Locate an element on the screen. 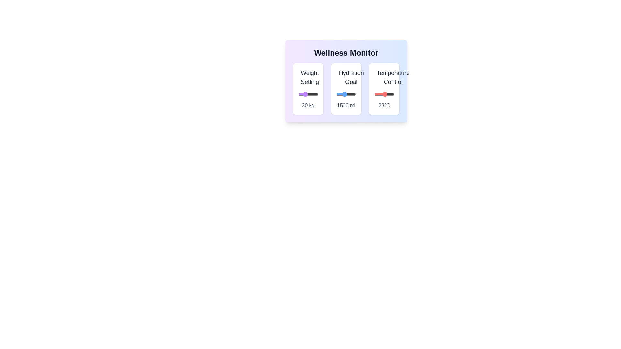  the weight setting is located at coordinates (310, 94).